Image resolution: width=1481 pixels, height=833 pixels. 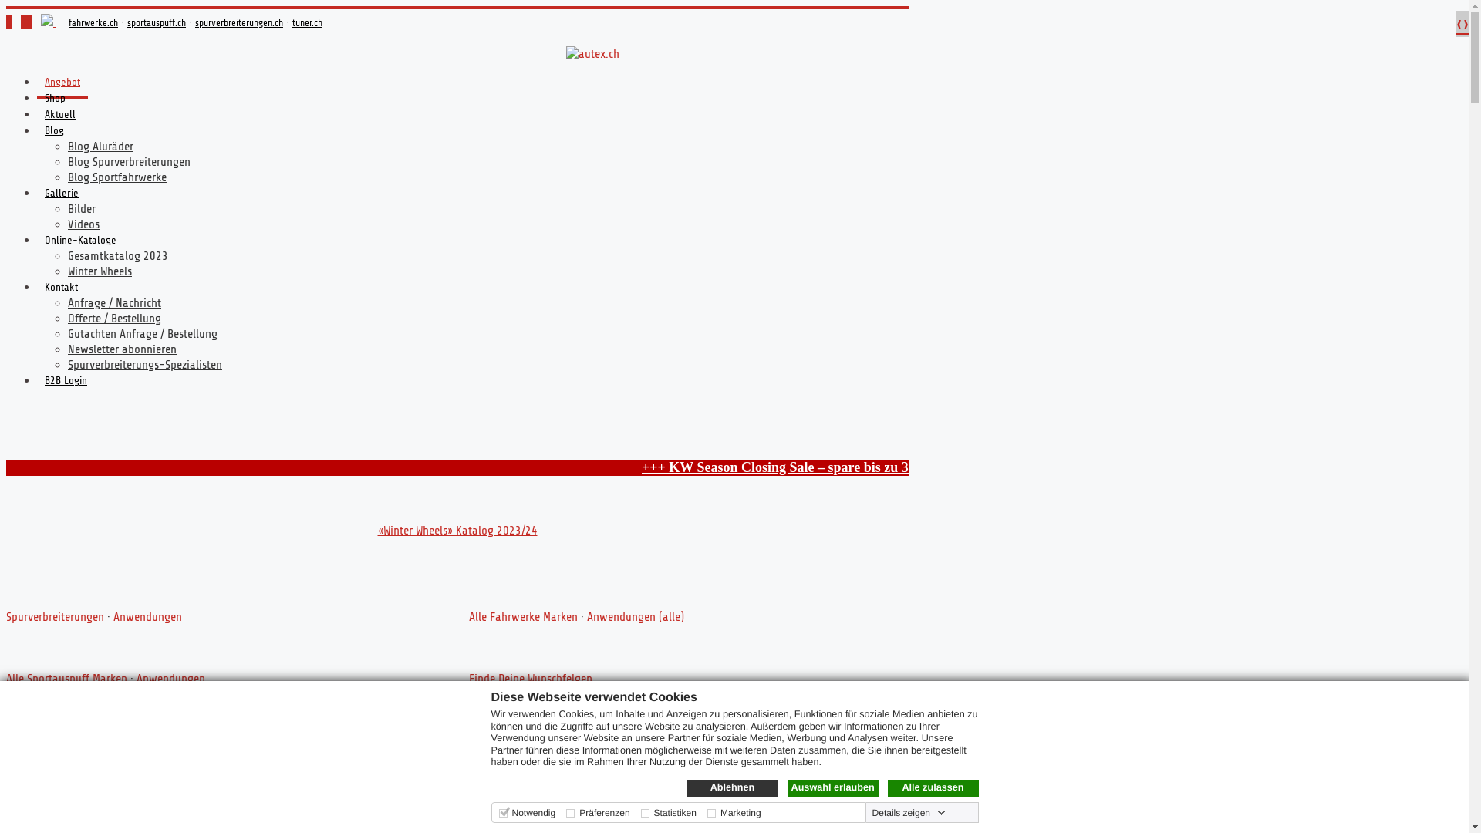 I want to click on 'Ablehnen', so click(x=731, y=788).